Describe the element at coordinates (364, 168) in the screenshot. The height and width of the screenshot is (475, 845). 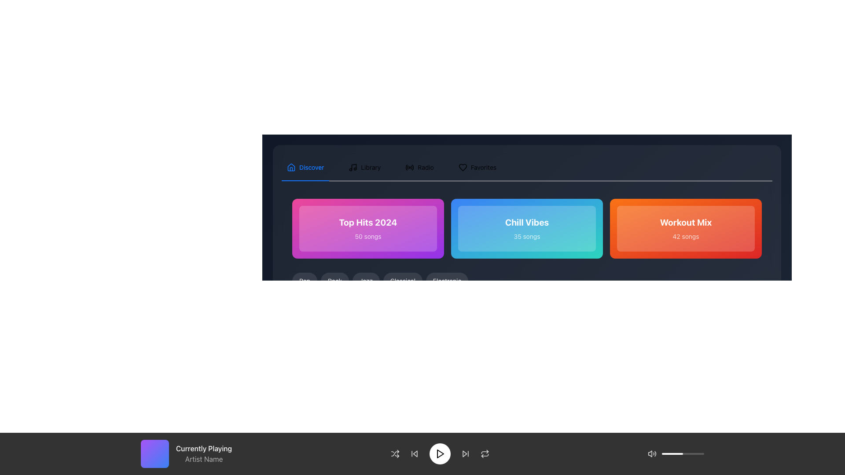
I see `the 'Library' tab, which is the second tab in the navigation line, positioned between the 'Discover' tab and an unlabeled tab` at that location.